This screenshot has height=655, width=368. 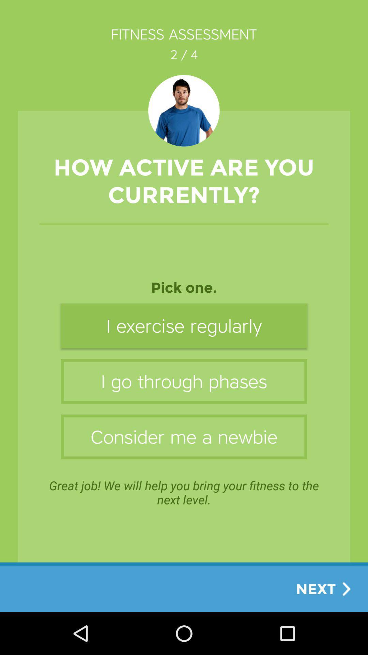 What do you see at coordinates (184, 437) in the screenshot?
I see `the consider me a icon` at bounding box center [184, 437].